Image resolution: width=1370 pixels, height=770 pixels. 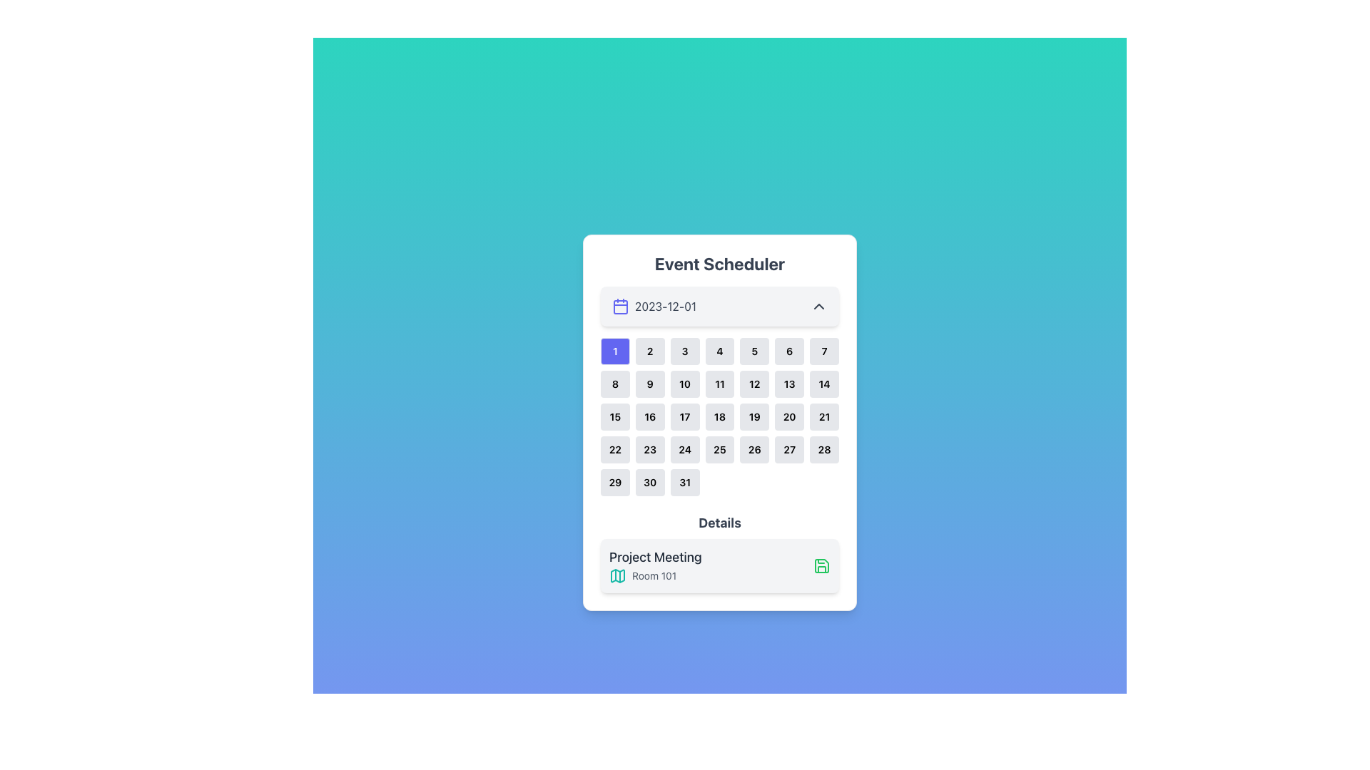 I want to click on the square-shaped button with a light gray background and the text '16' centered in bold black font, so click(x=649, y=417).